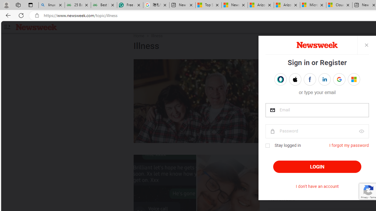 The image size is (376, 211). What do you see at coordinates (280, 79) in the screenshot?
I see `'Sign in with OPENPASS'` at bounding box center [280, 79].